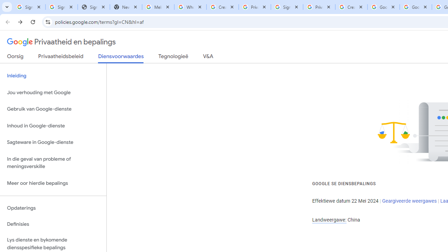  I want to click on 'Sign in - Google Accounts', so click(62, 7).